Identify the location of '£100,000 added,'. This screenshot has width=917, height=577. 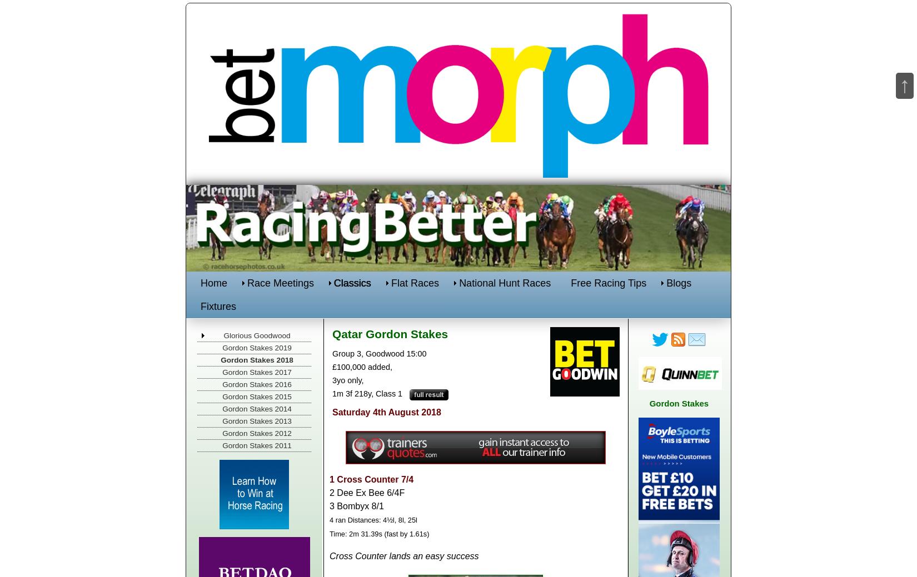
(362, 366).